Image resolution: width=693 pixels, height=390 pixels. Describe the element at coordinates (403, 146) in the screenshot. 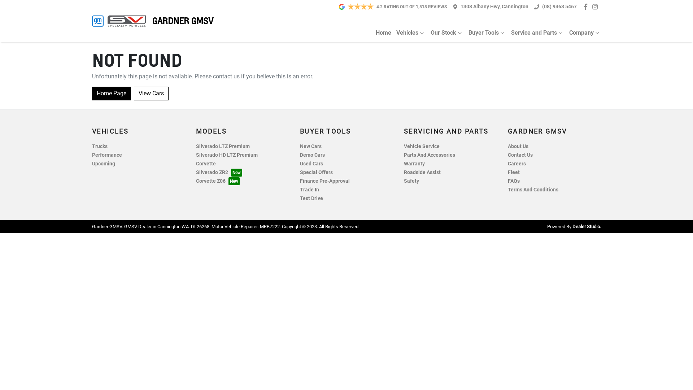

I see `'Vehicle Service'` at that location.